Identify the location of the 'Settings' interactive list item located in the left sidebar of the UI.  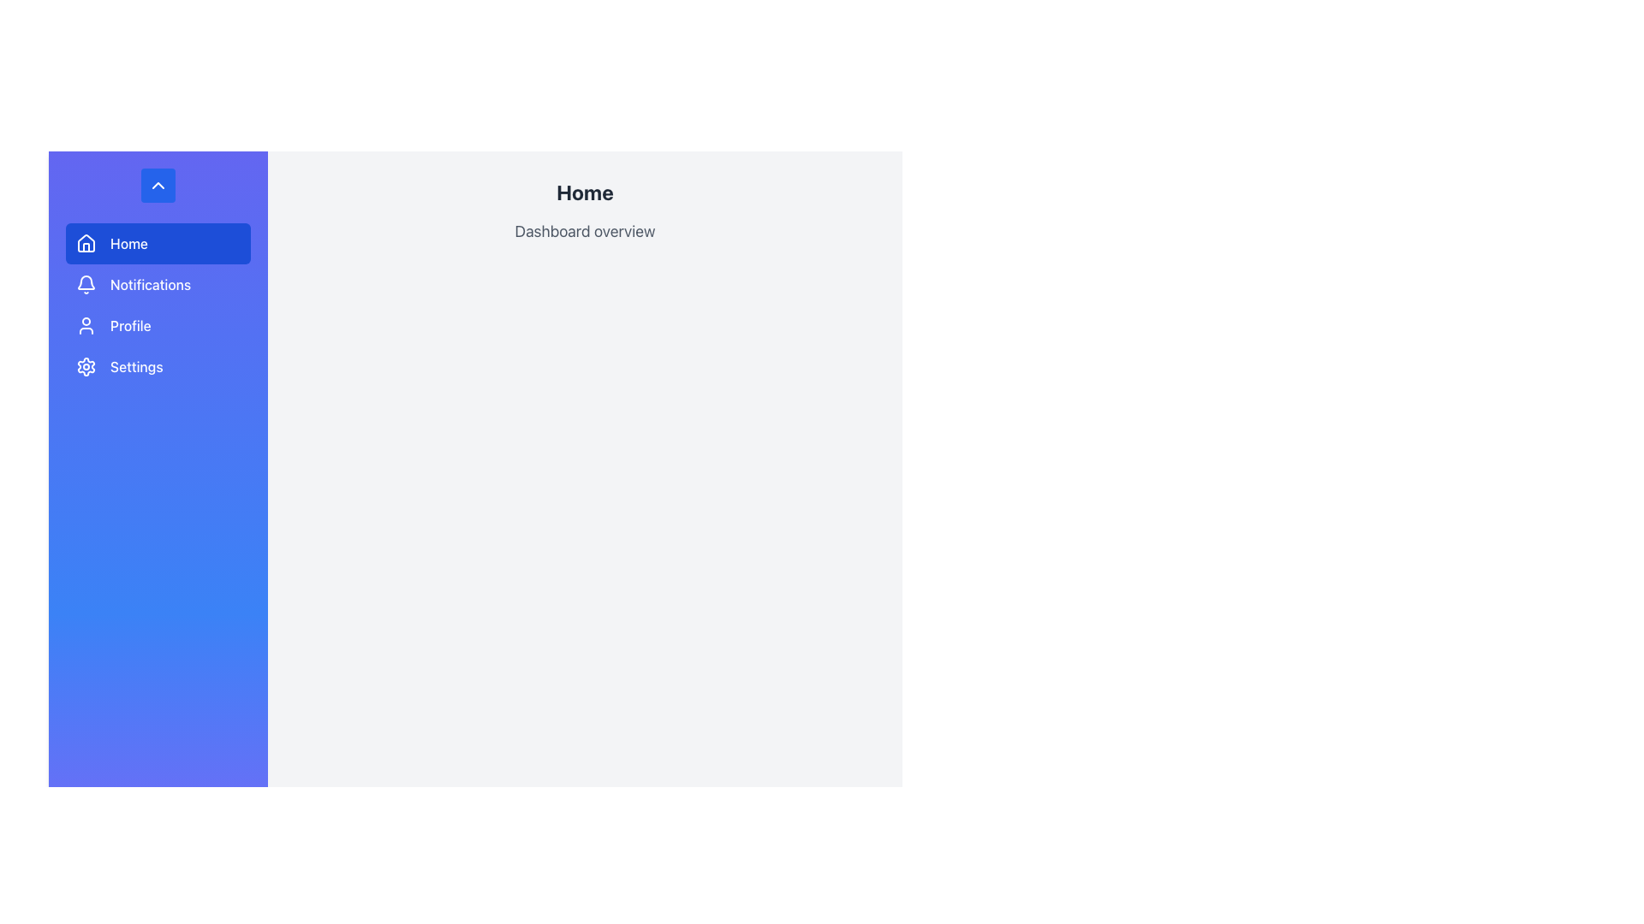
(158, 365).